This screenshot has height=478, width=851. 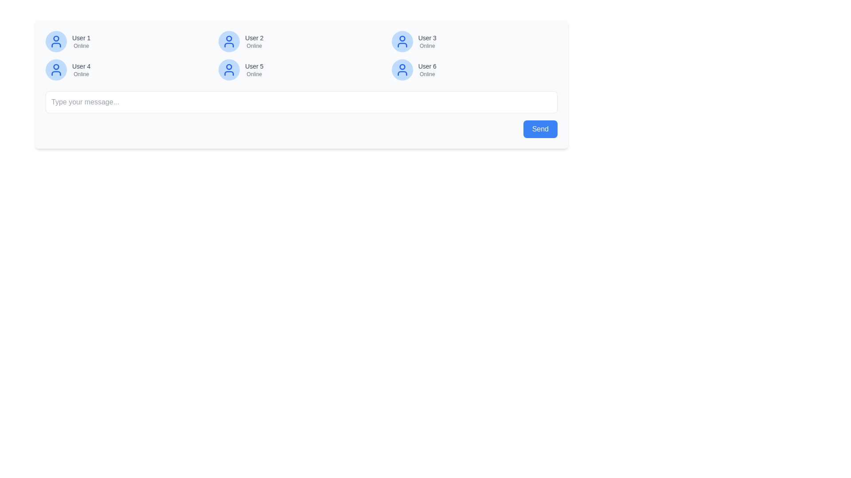 What do you see at coordinates (402, 41) in the screenshot?
I see `the user profile icon, which is a circular icon with a blue outline, positioned third from the left in the top row of the user list` at bounding box center [402, 41].